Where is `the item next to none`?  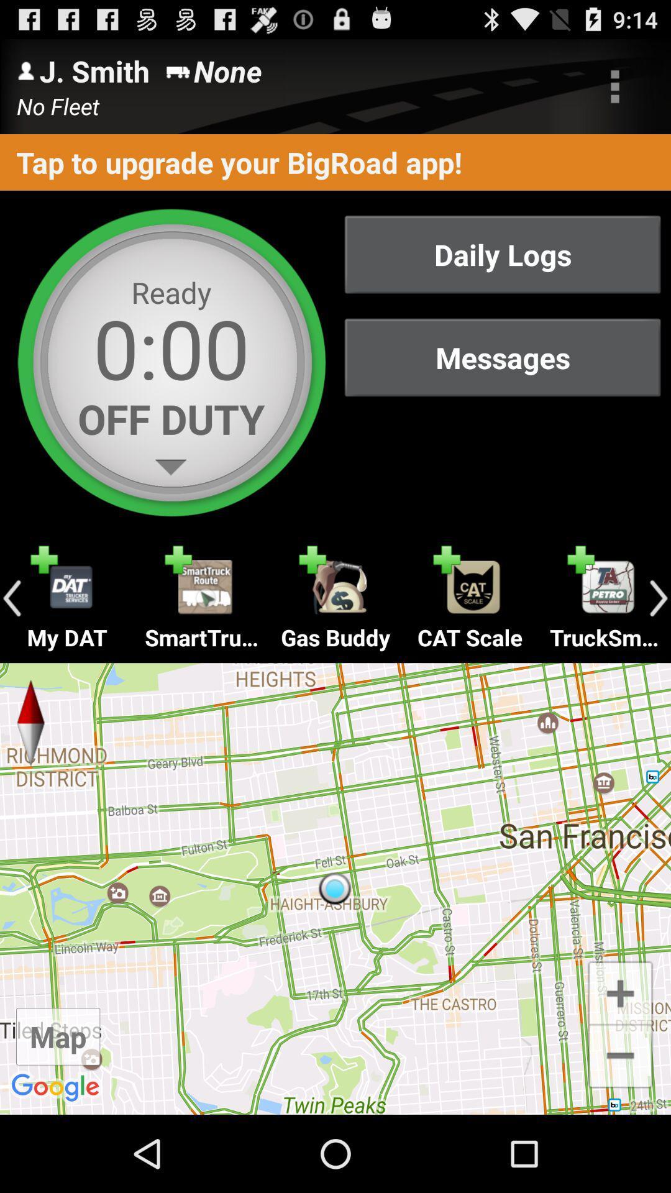 the item next to none is located at coordinates (615, 86).